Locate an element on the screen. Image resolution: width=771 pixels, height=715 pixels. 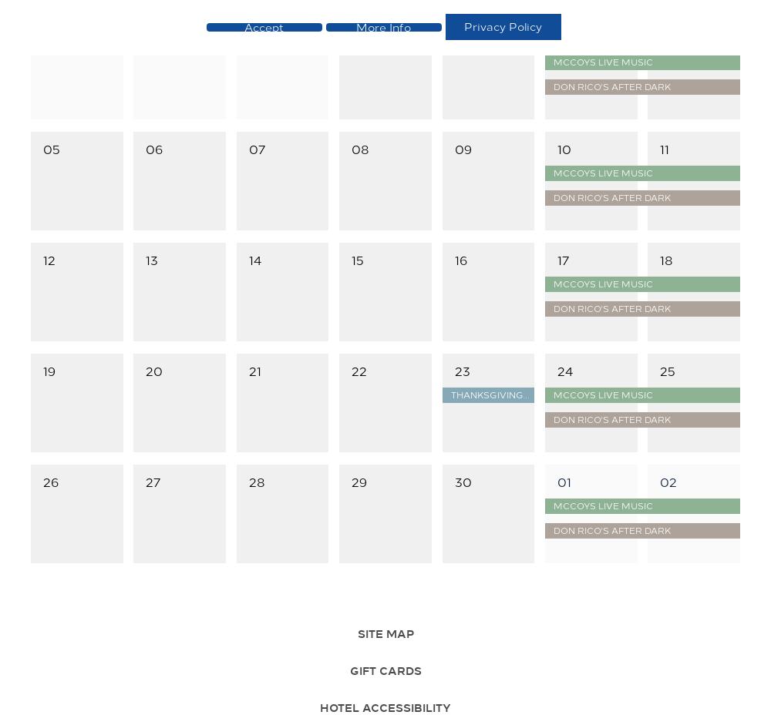
'Privacy Policy' is located at coordinates (503, 25).